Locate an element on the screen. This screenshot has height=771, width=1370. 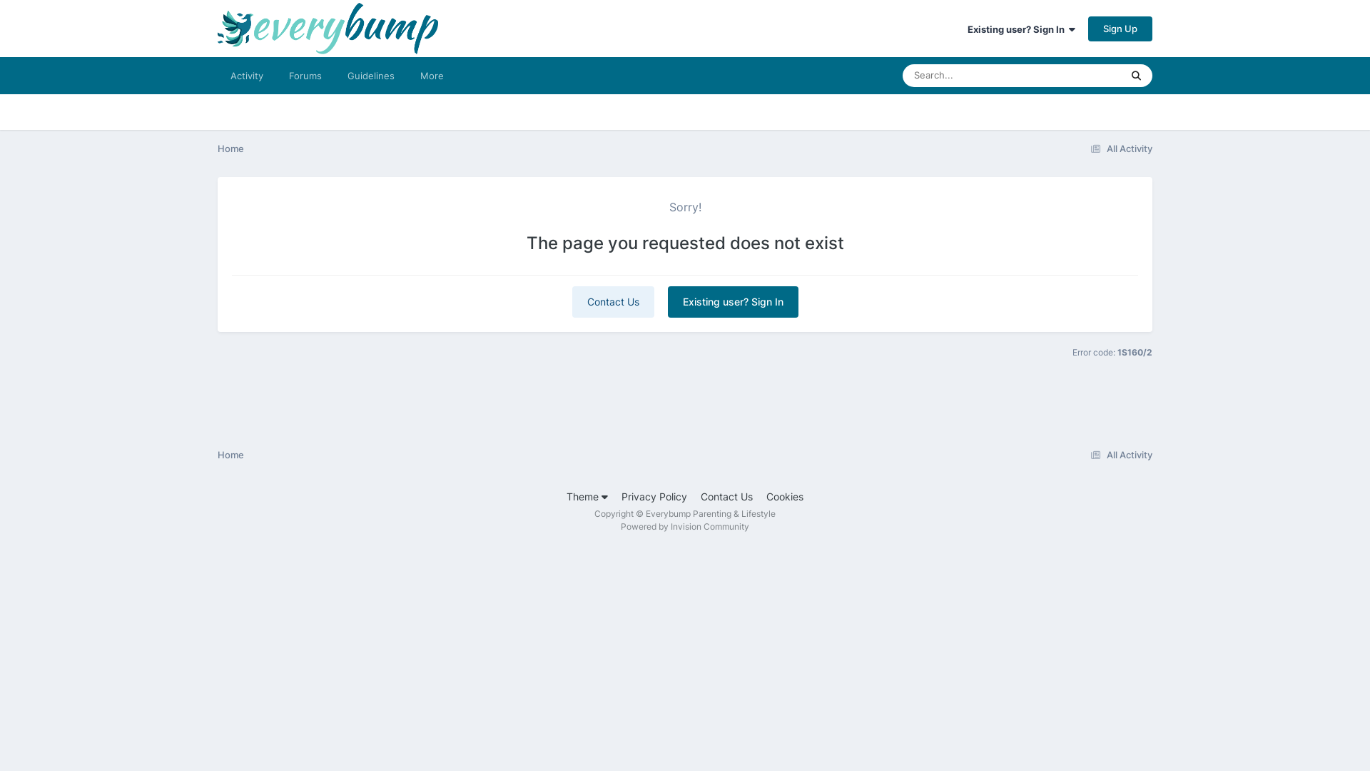
'Cookies' is located at coordinates (783, 495).